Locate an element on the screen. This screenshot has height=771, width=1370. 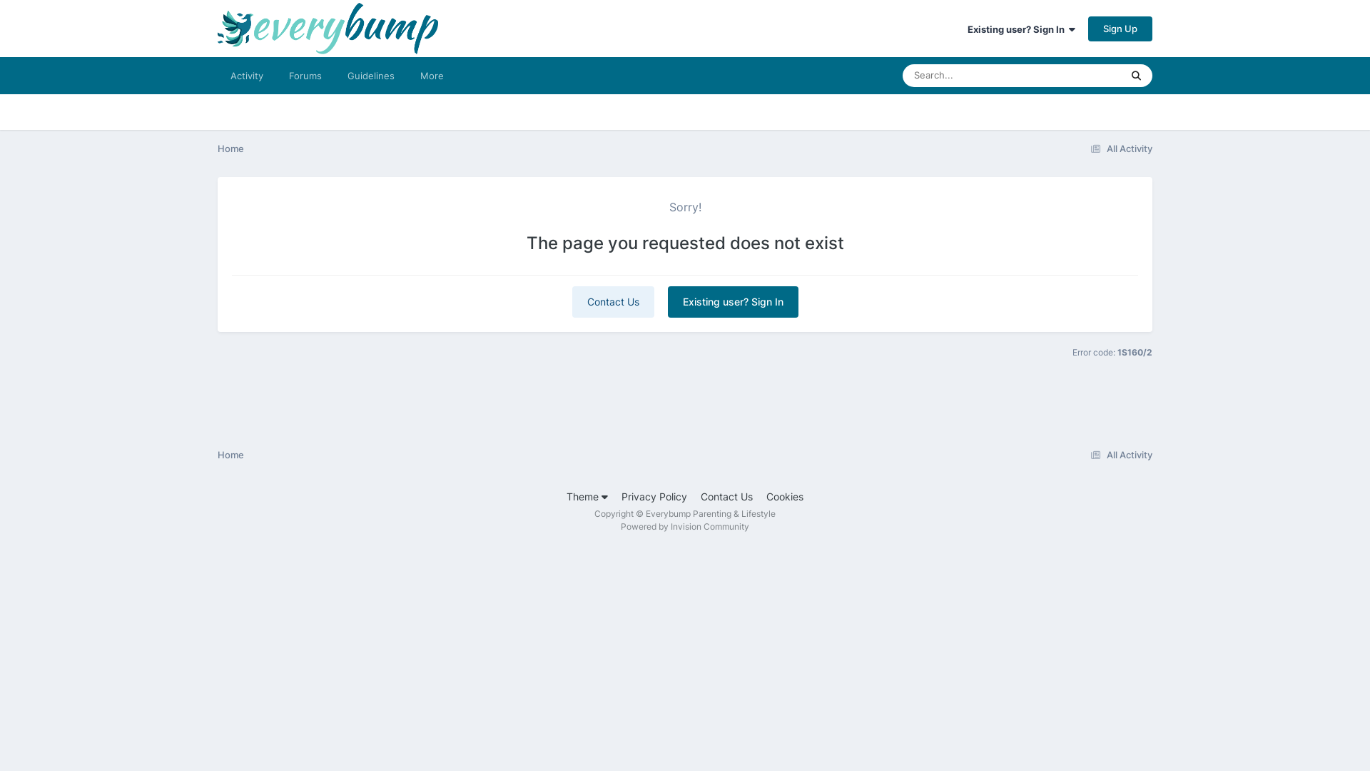
'Cookies' is located at coordinates (783, 495).